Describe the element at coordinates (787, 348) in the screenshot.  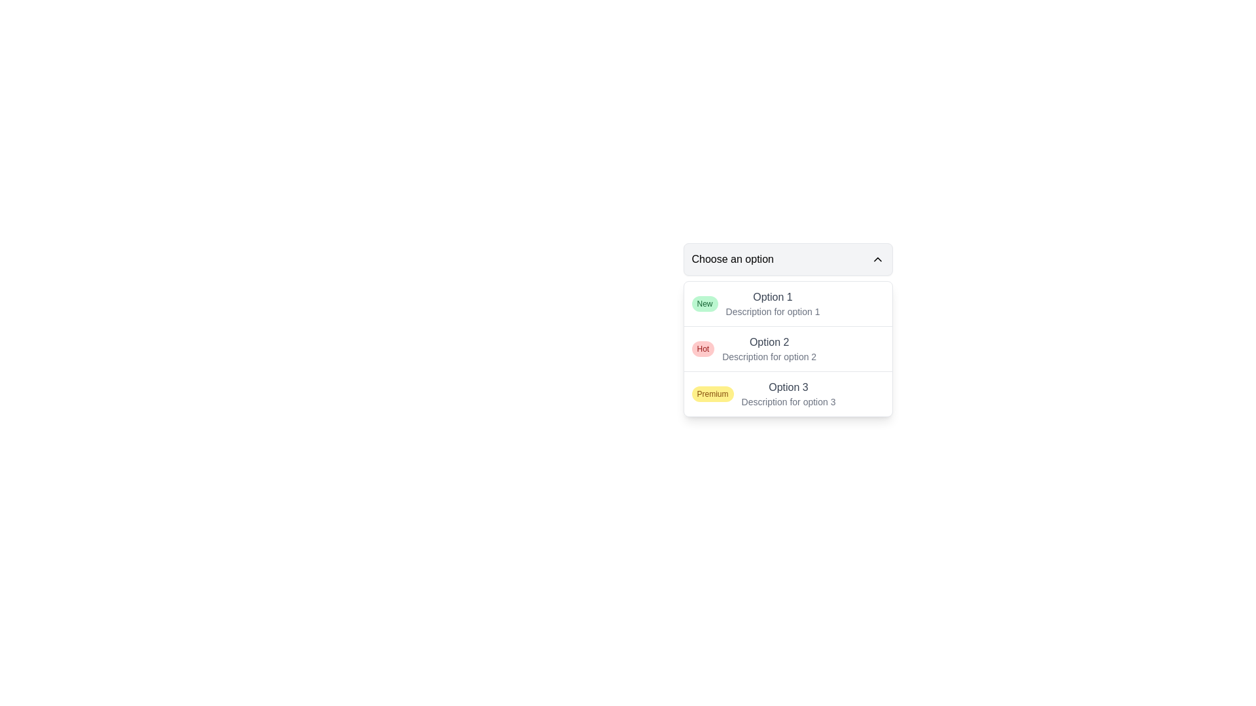
I see `the dropdown menu located below the text 'Choose an option', which features a white background, rounded corners, and shadow effects with multiple labeled options and category badges` at that location.